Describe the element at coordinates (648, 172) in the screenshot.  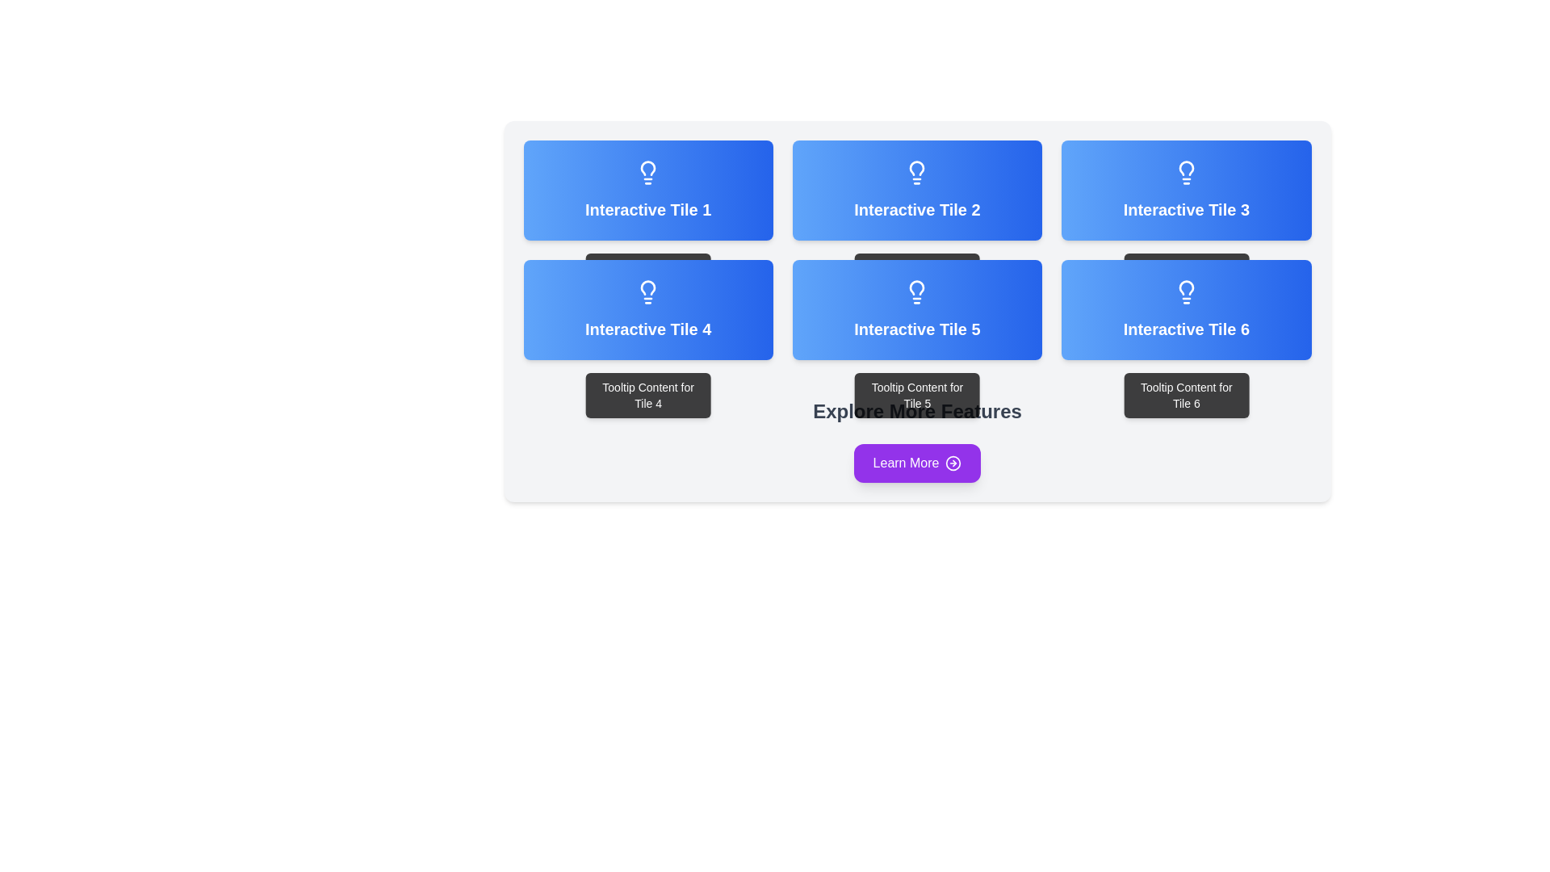
I see `the lightbulb icon located inside the blue gradient rectangular tile labeled 'Interactive Tile 1'` at that location.